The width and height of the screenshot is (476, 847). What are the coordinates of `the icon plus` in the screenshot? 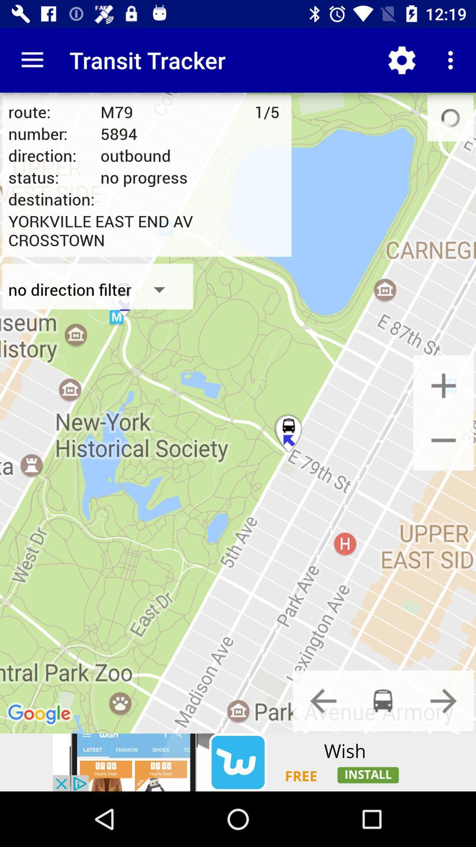 It's located at (443, 385).